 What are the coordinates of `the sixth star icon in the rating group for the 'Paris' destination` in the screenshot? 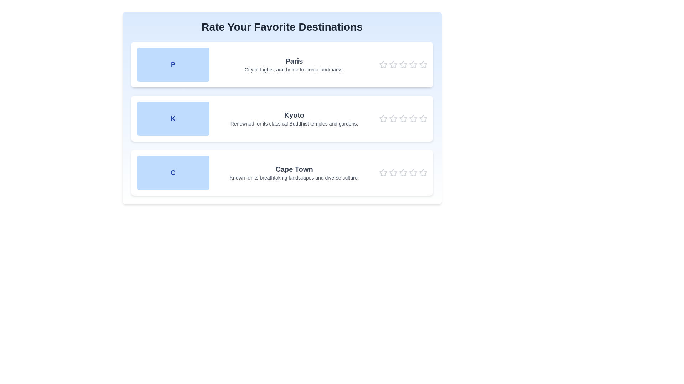 It's located at (413, 64).